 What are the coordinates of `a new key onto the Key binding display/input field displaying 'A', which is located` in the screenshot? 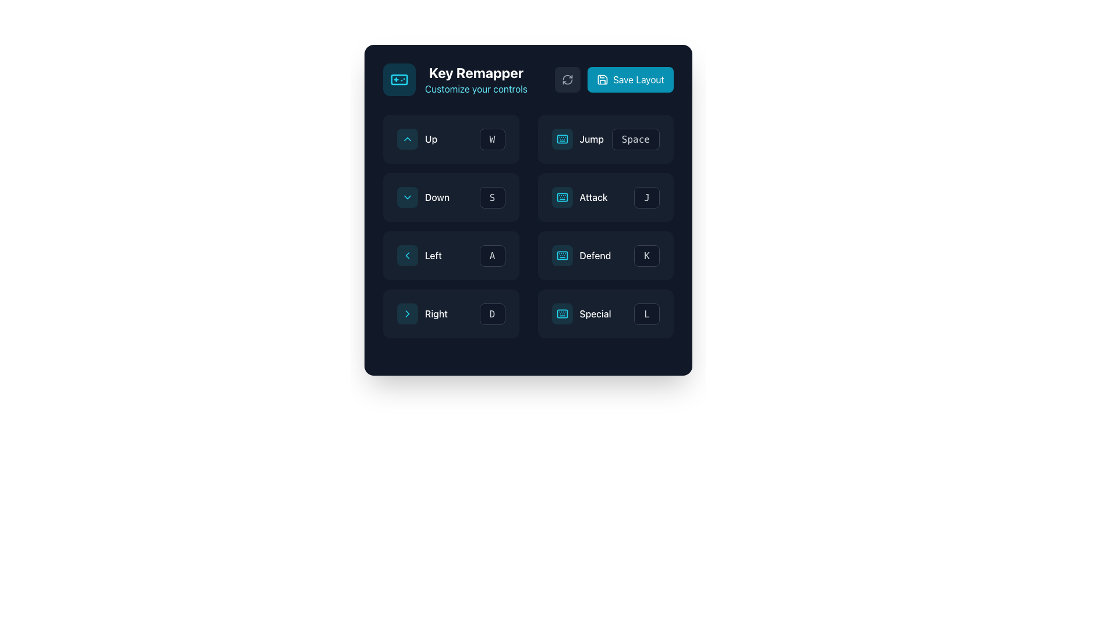 It's located at (450, 255).